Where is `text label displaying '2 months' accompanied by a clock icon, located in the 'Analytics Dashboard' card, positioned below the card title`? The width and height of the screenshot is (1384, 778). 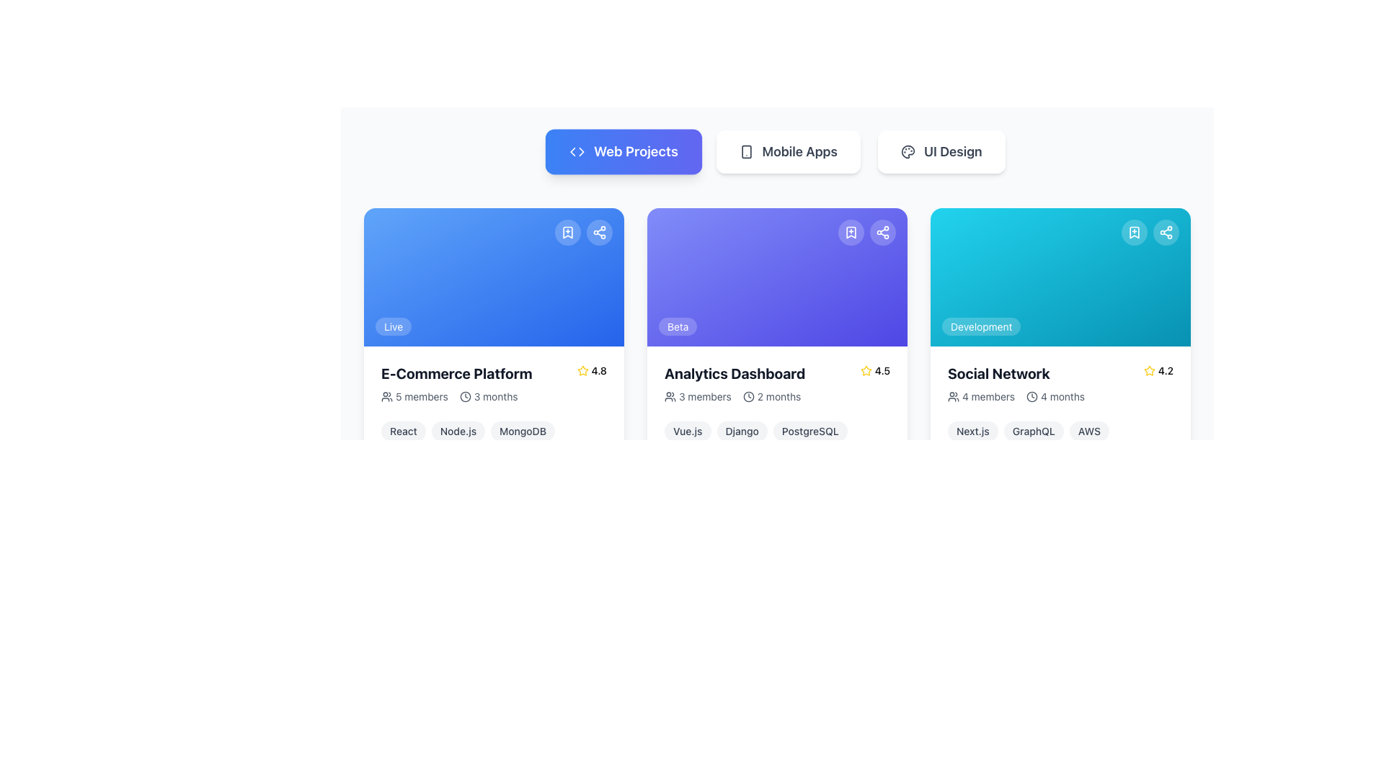
text label displaying '2 months' accompanied by a clock icon, located in the 'Analytics Dashboard' card, positioned below the card title is located at coordinates (771, 397).